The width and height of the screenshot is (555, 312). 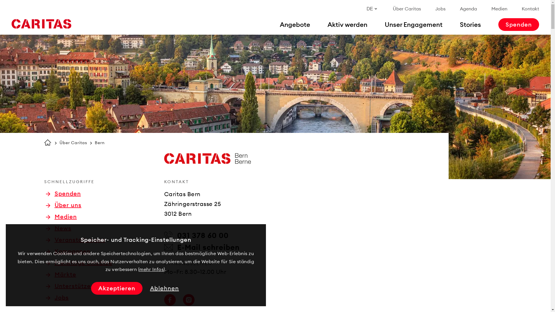 What do you see at coordinates (440, 9) in the screenshot?
I see `'Jobs'` at bounding box center [440, 9].